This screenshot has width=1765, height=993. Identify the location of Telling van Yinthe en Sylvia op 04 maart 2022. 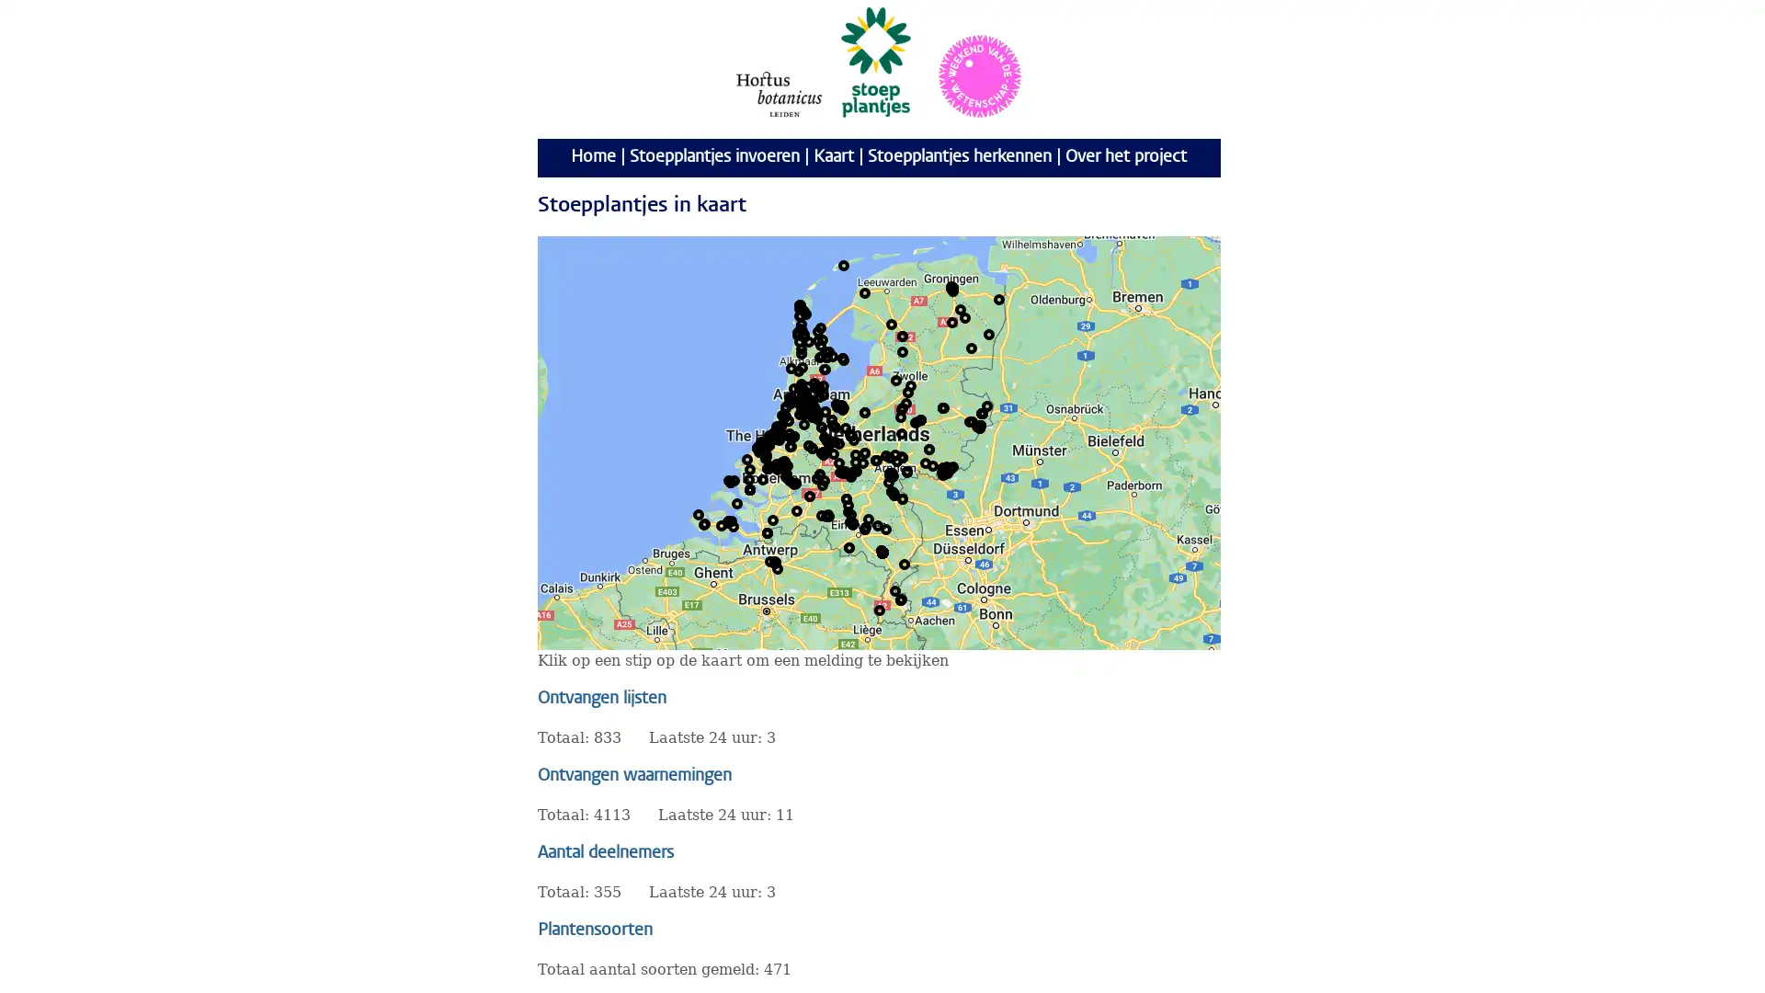
(809, 495).